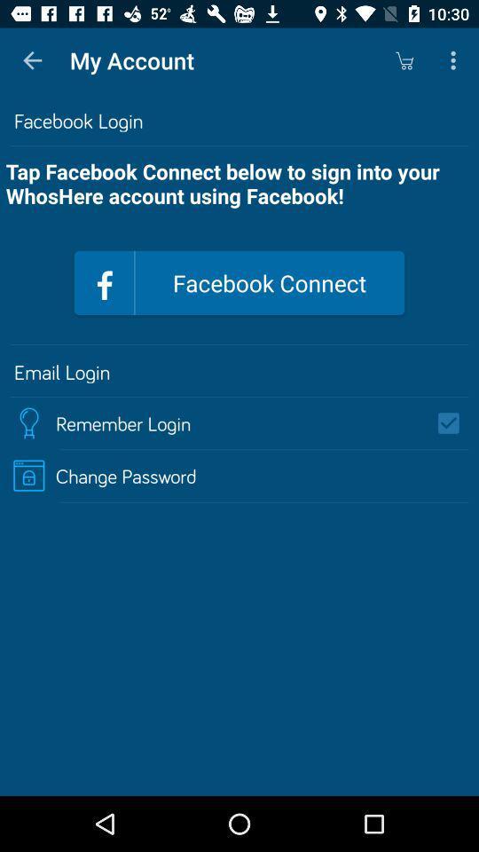 The image size is (479, 852). What do you see at coordinates (454, 423) in the screenshot?
I see `the item to the right of the remember login item` at bounding box center [454, 423].